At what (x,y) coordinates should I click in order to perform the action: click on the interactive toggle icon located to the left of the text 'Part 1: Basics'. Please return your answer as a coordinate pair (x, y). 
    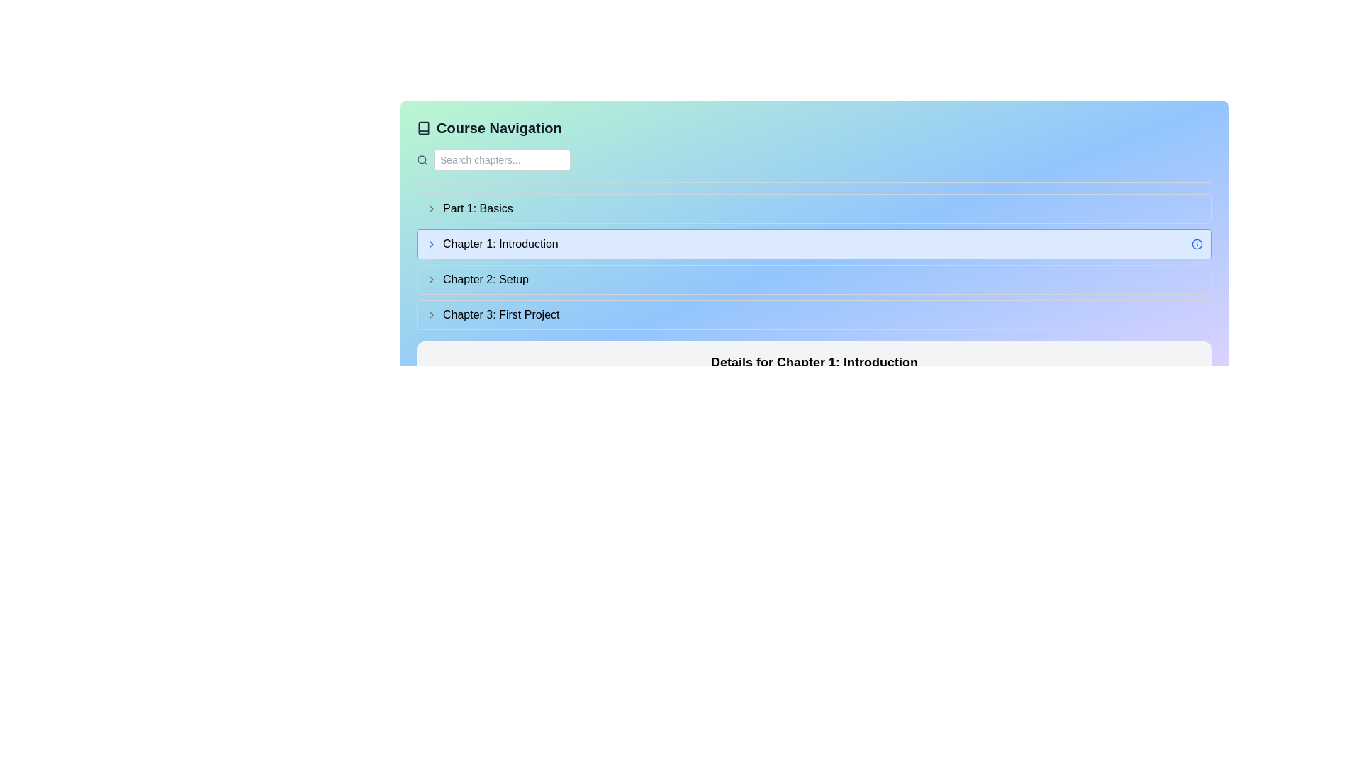
    Looking at the image, I should click on (431, 208).